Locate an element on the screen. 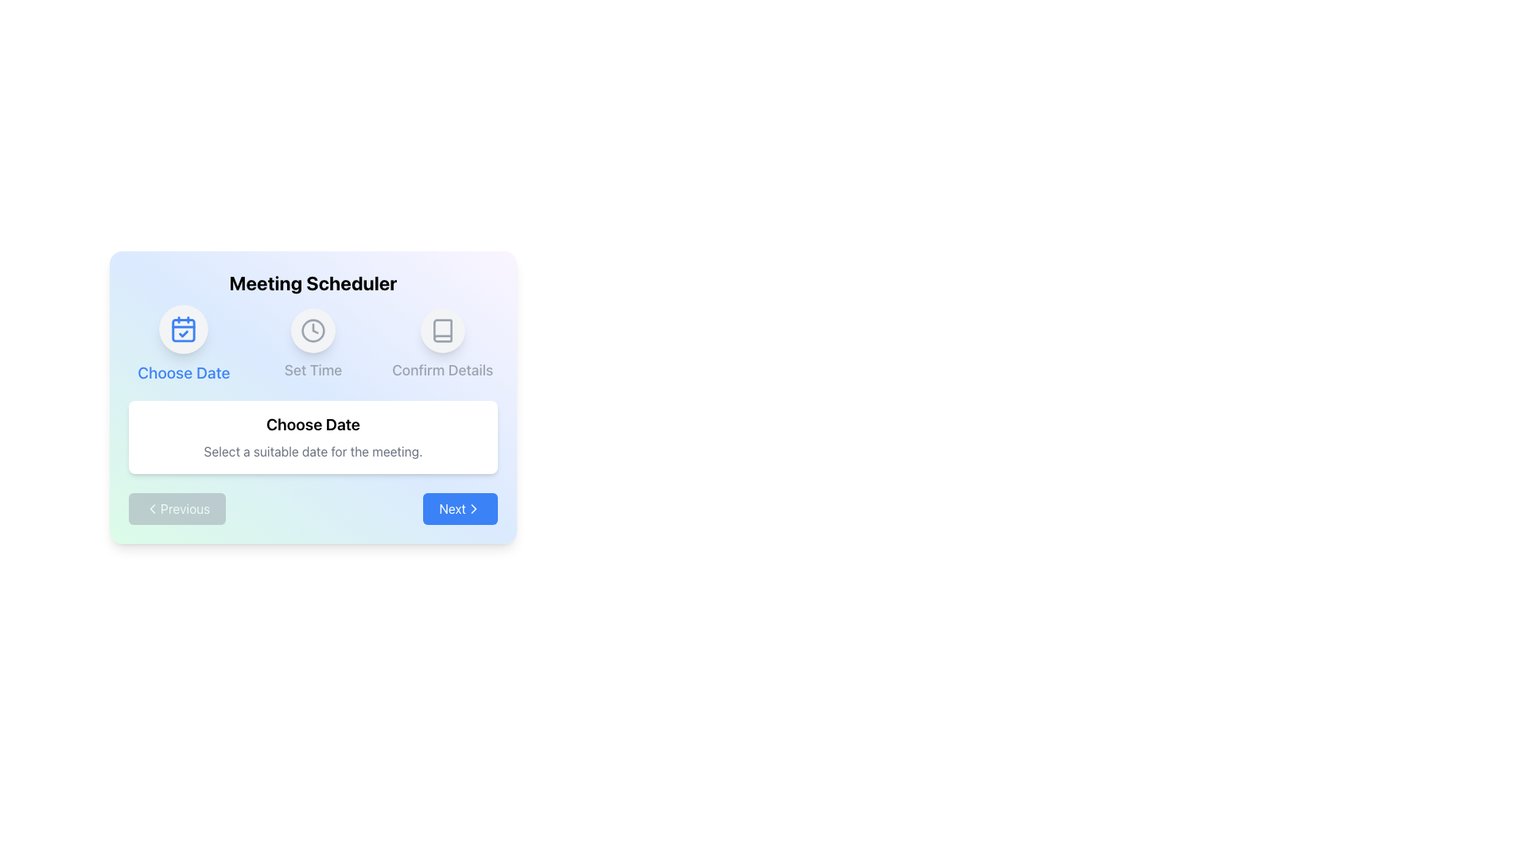 This screenshot has height=859, width=1527. to select or activate the 'Set Time' step, which is the second section in a horizontal row of steps, positioned between 'Choose Date' and 'Confirm Details' is located at coordinates (313, 344).